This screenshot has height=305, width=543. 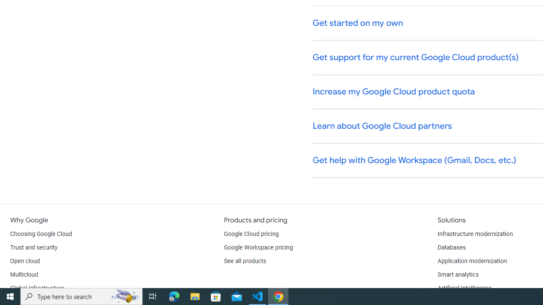 What do you see at coordinates (451, 248) in the screenshot?
I see `'Databases'` at bounding box center [451, 248].